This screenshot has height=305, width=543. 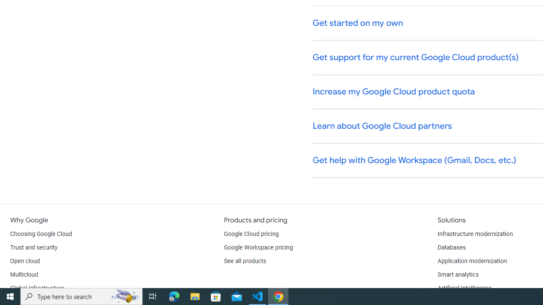 What do you see at coordinates (451, 248) in the screenshot?
I see `'Databases'` at bounding box center [451, 248].